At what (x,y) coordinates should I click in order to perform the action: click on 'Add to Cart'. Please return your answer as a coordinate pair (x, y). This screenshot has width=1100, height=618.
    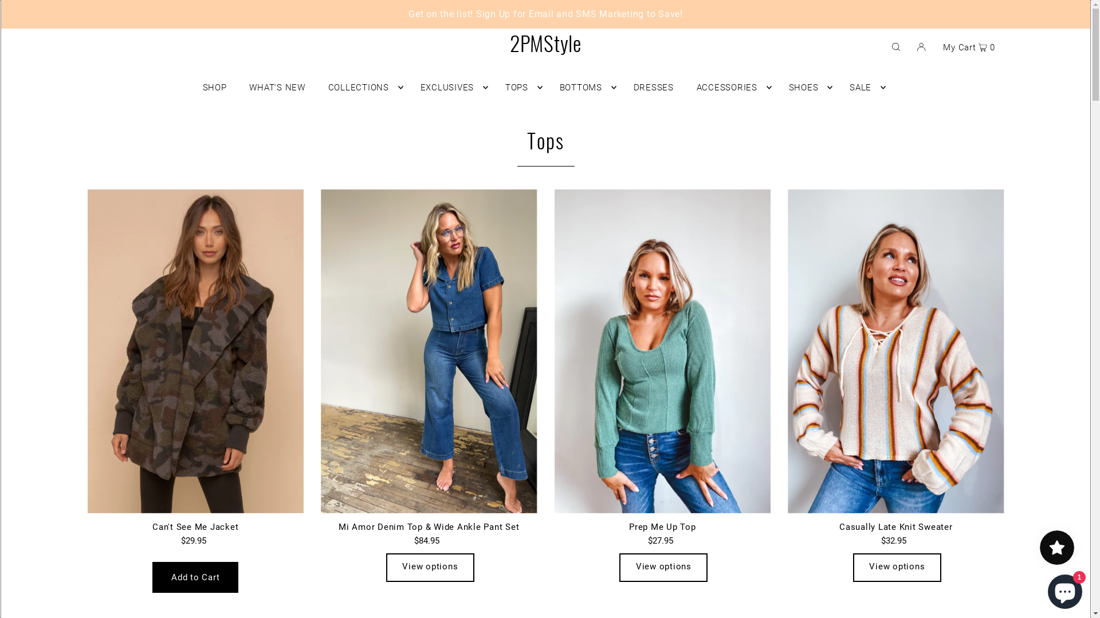
    Looking at the image, I should click on (195, 577).